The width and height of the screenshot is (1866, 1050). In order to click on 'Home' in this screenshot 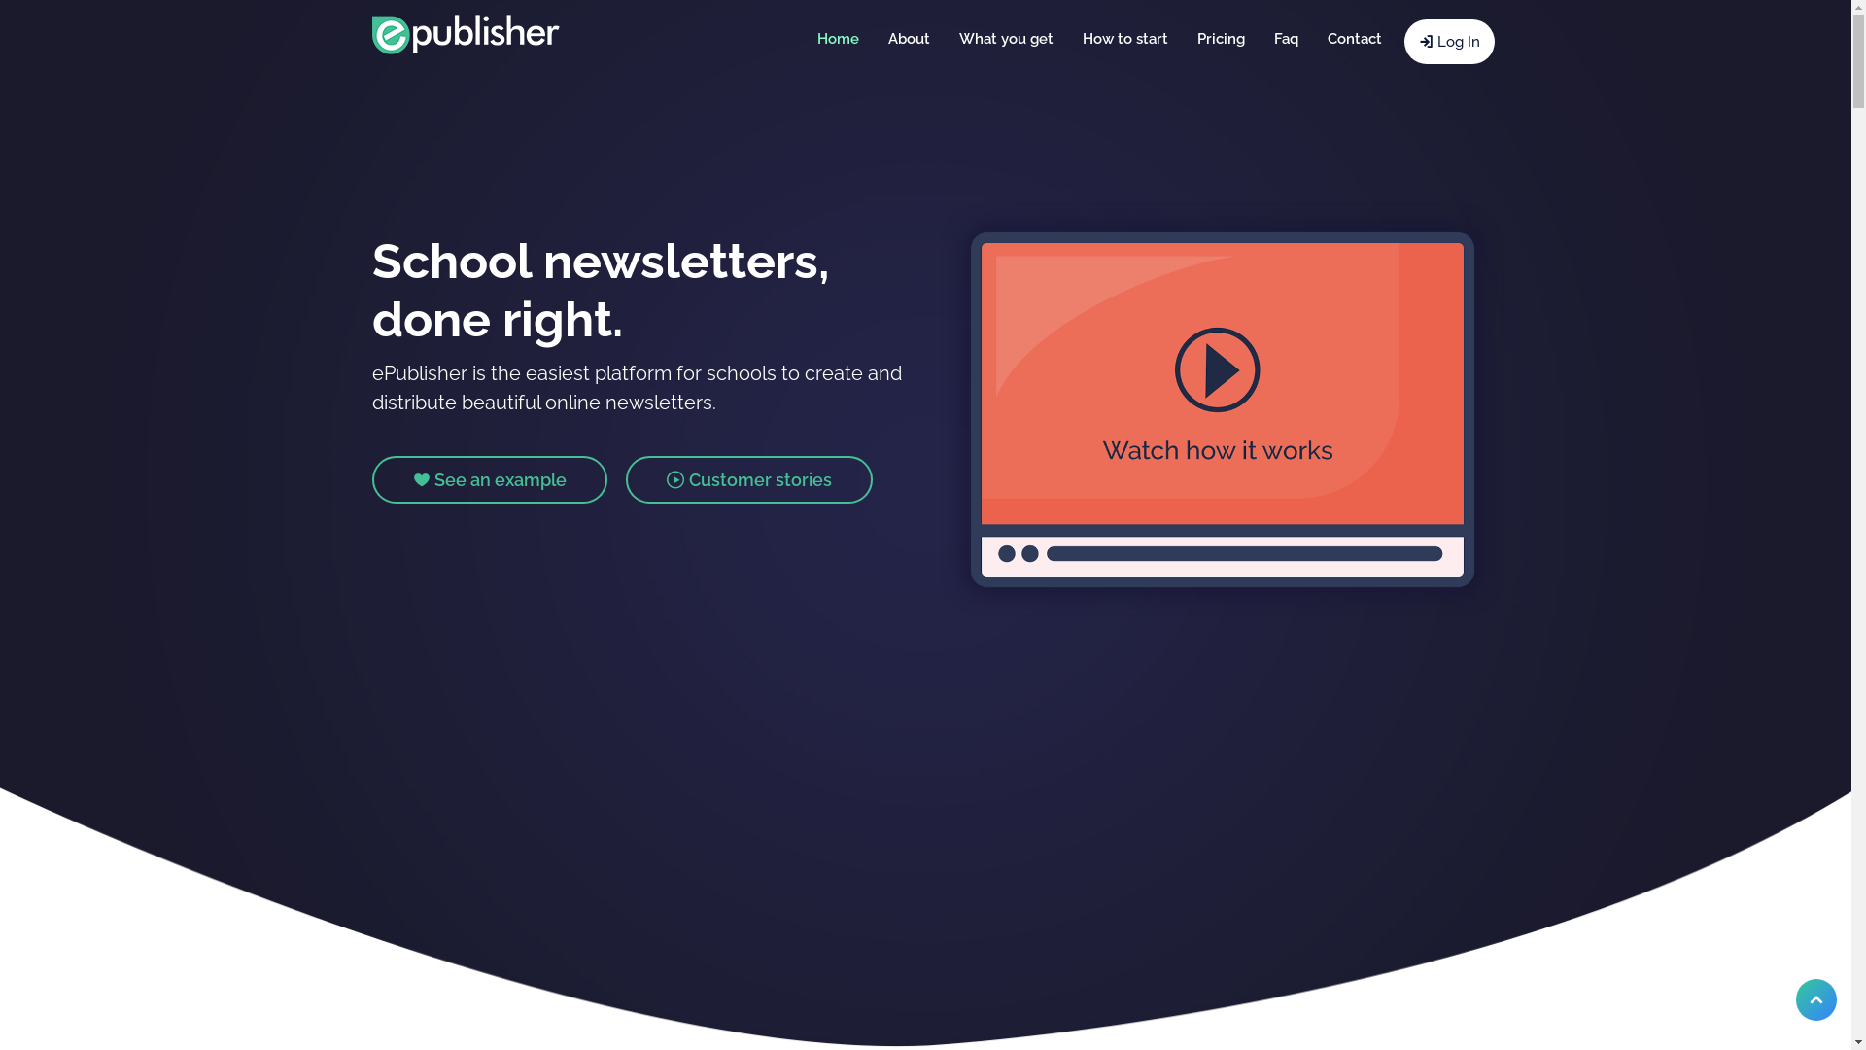, I will do `click(838, 38)`.